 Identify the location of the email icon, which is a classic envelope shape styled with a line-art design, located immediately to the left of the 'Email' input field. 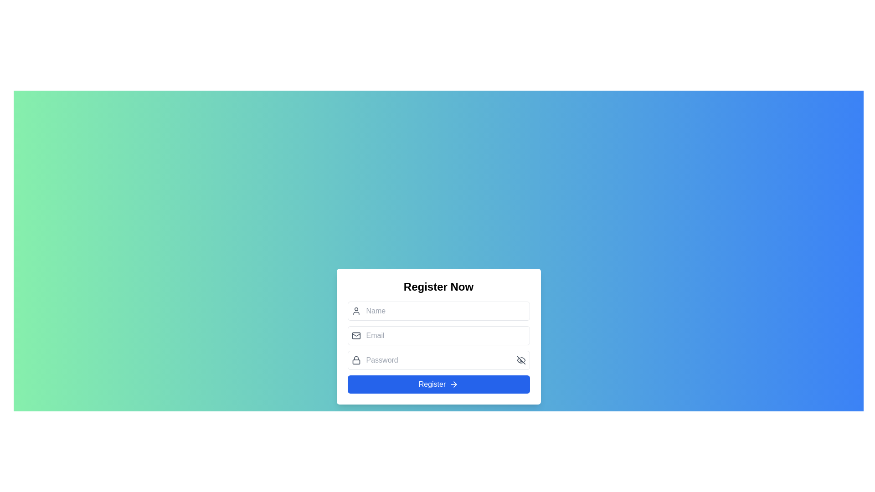
(355, 335).